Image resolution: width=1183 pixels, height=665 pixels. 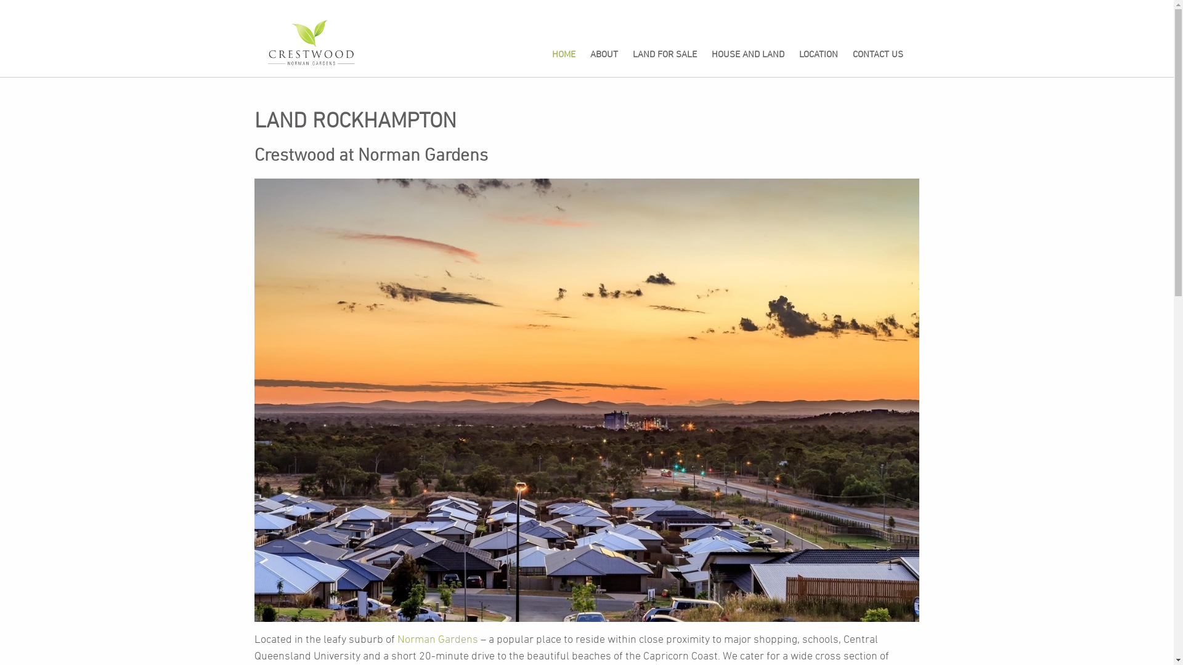 I want to click on 'HOME', so click(x=563, y=54).